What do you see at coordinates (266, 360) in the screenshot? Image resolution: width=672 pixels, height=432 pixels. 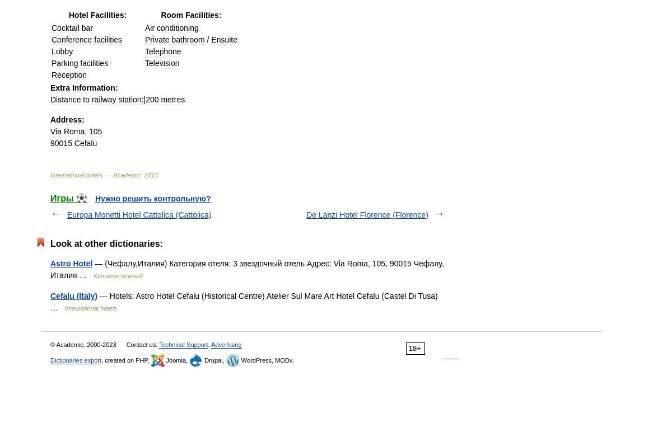 I see `'WordPress, MODx.'` at bounding box center [266, 360].